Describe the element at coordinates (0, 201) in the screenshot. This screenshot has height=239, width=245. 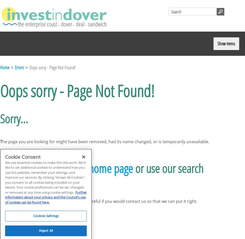
I see `'If you have found an error we would be very grateful if you would contact us so that we can put it right.'` at that location.